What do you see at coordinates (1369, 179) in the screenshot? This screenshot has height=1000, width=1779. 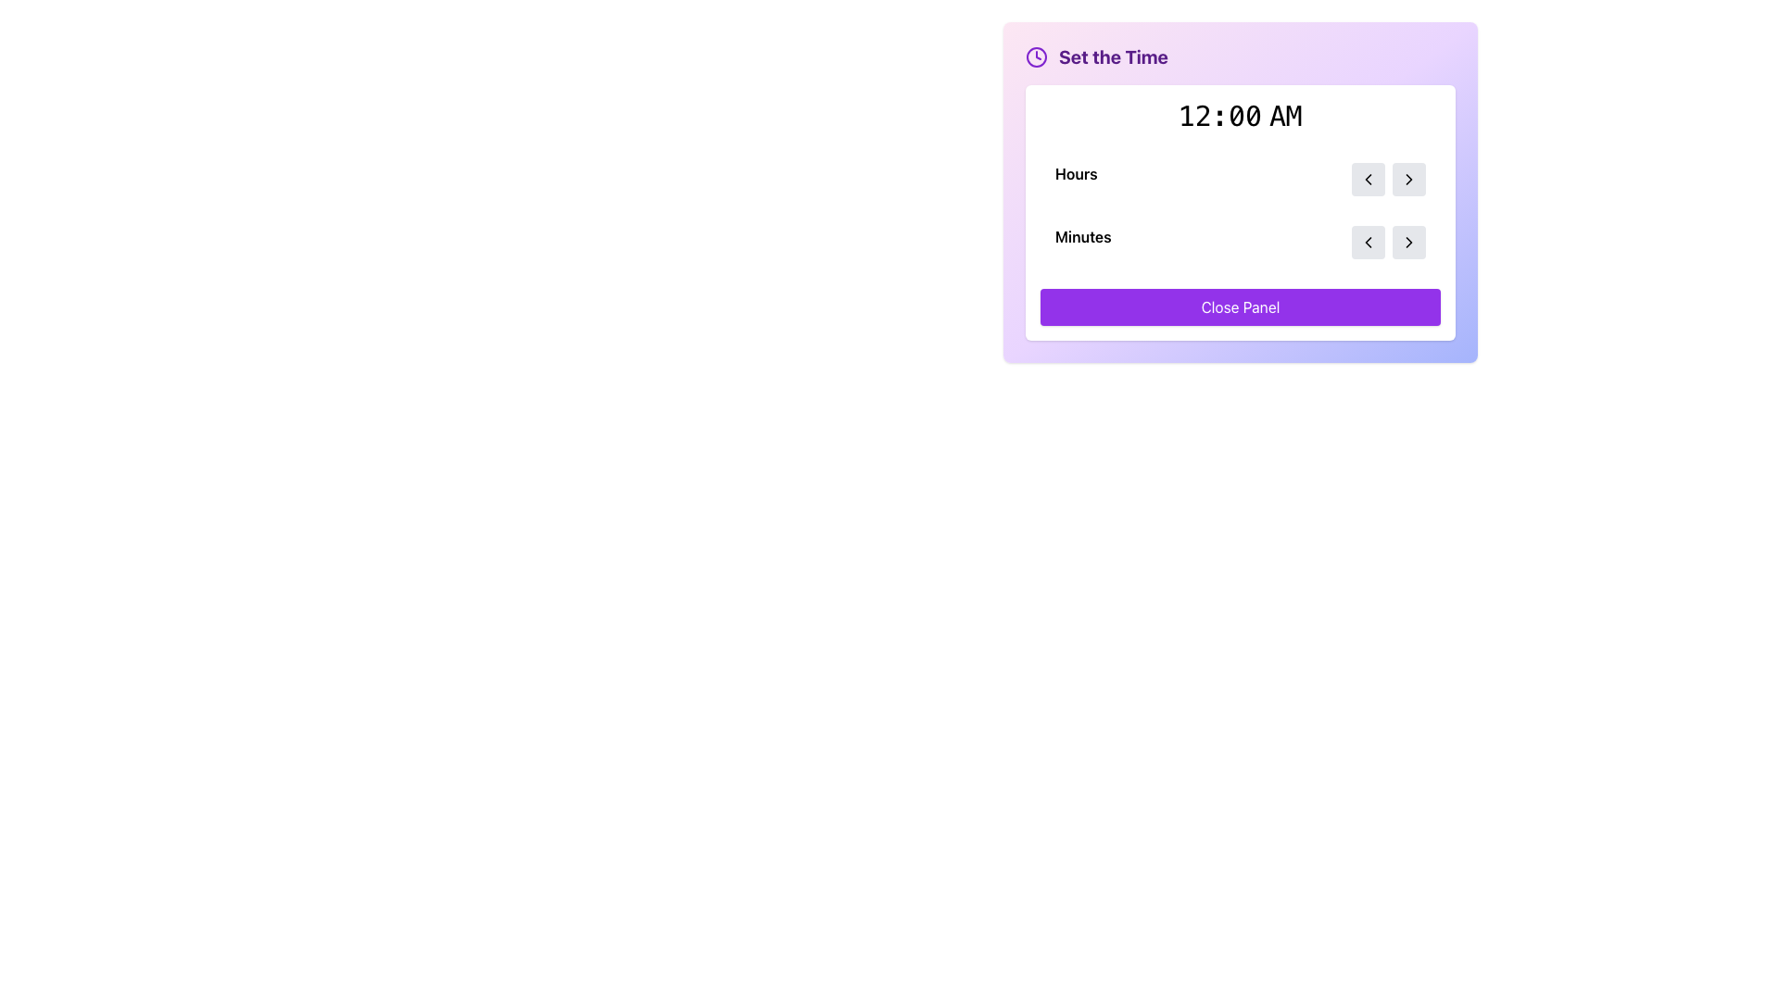 I see `the button with a leftward-pointing chevron icon in the 'Set the Time' interface, located to the right of the 'Hours' label` at bounding box center [1369, 179].